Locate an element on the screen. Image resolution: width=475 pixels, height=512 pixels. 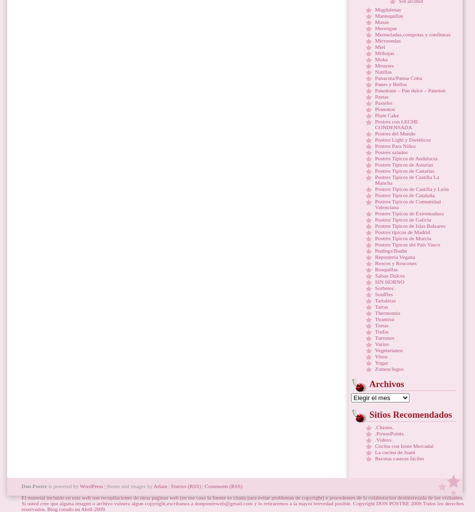
'Postres Tipicos de Comunidad Valenciana' is located at coordinates (407, 204).